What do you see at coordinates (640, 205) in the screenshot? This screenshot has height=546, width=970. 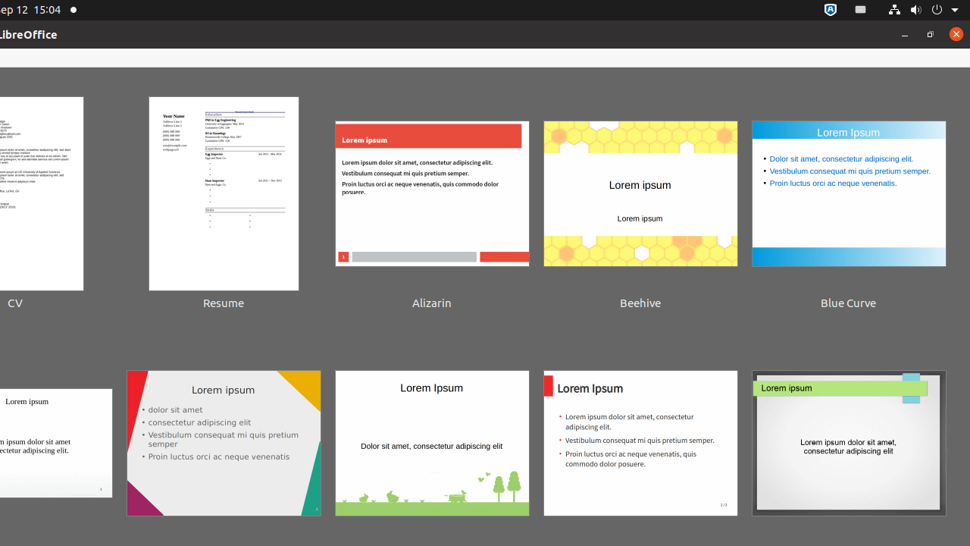 I see `'Beehive'` at bounding box center [640, 205].